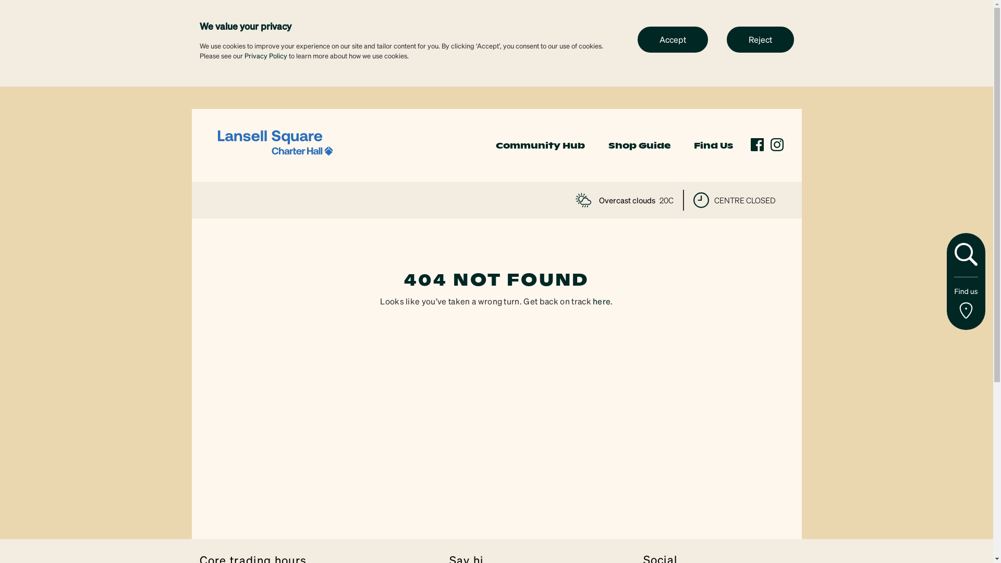 This screenshot has height=563, width=1001. I want to click on 'facebook', so click(751, 144).